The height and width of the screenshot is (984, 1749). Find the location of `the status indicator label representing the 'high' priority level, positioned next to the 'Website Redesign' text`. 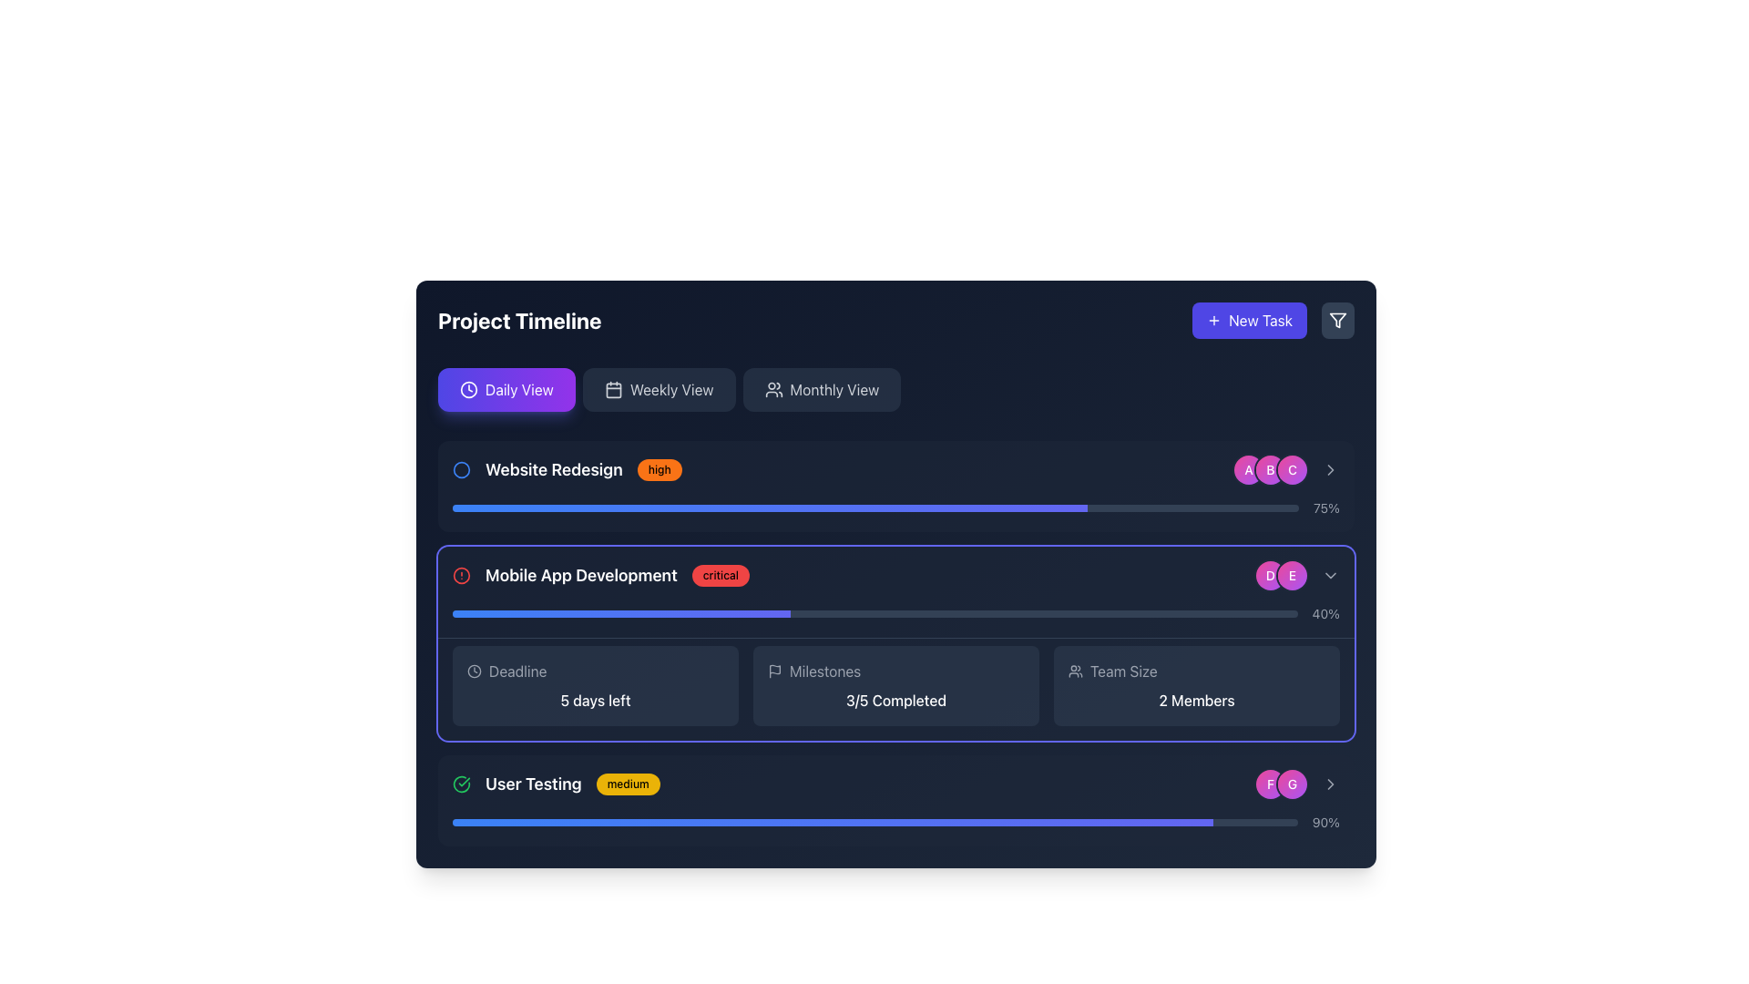

the status indicator label representing the 'high' priority level, positioned next to the 'Website Redesign' text is located at coordinates (659, 469).